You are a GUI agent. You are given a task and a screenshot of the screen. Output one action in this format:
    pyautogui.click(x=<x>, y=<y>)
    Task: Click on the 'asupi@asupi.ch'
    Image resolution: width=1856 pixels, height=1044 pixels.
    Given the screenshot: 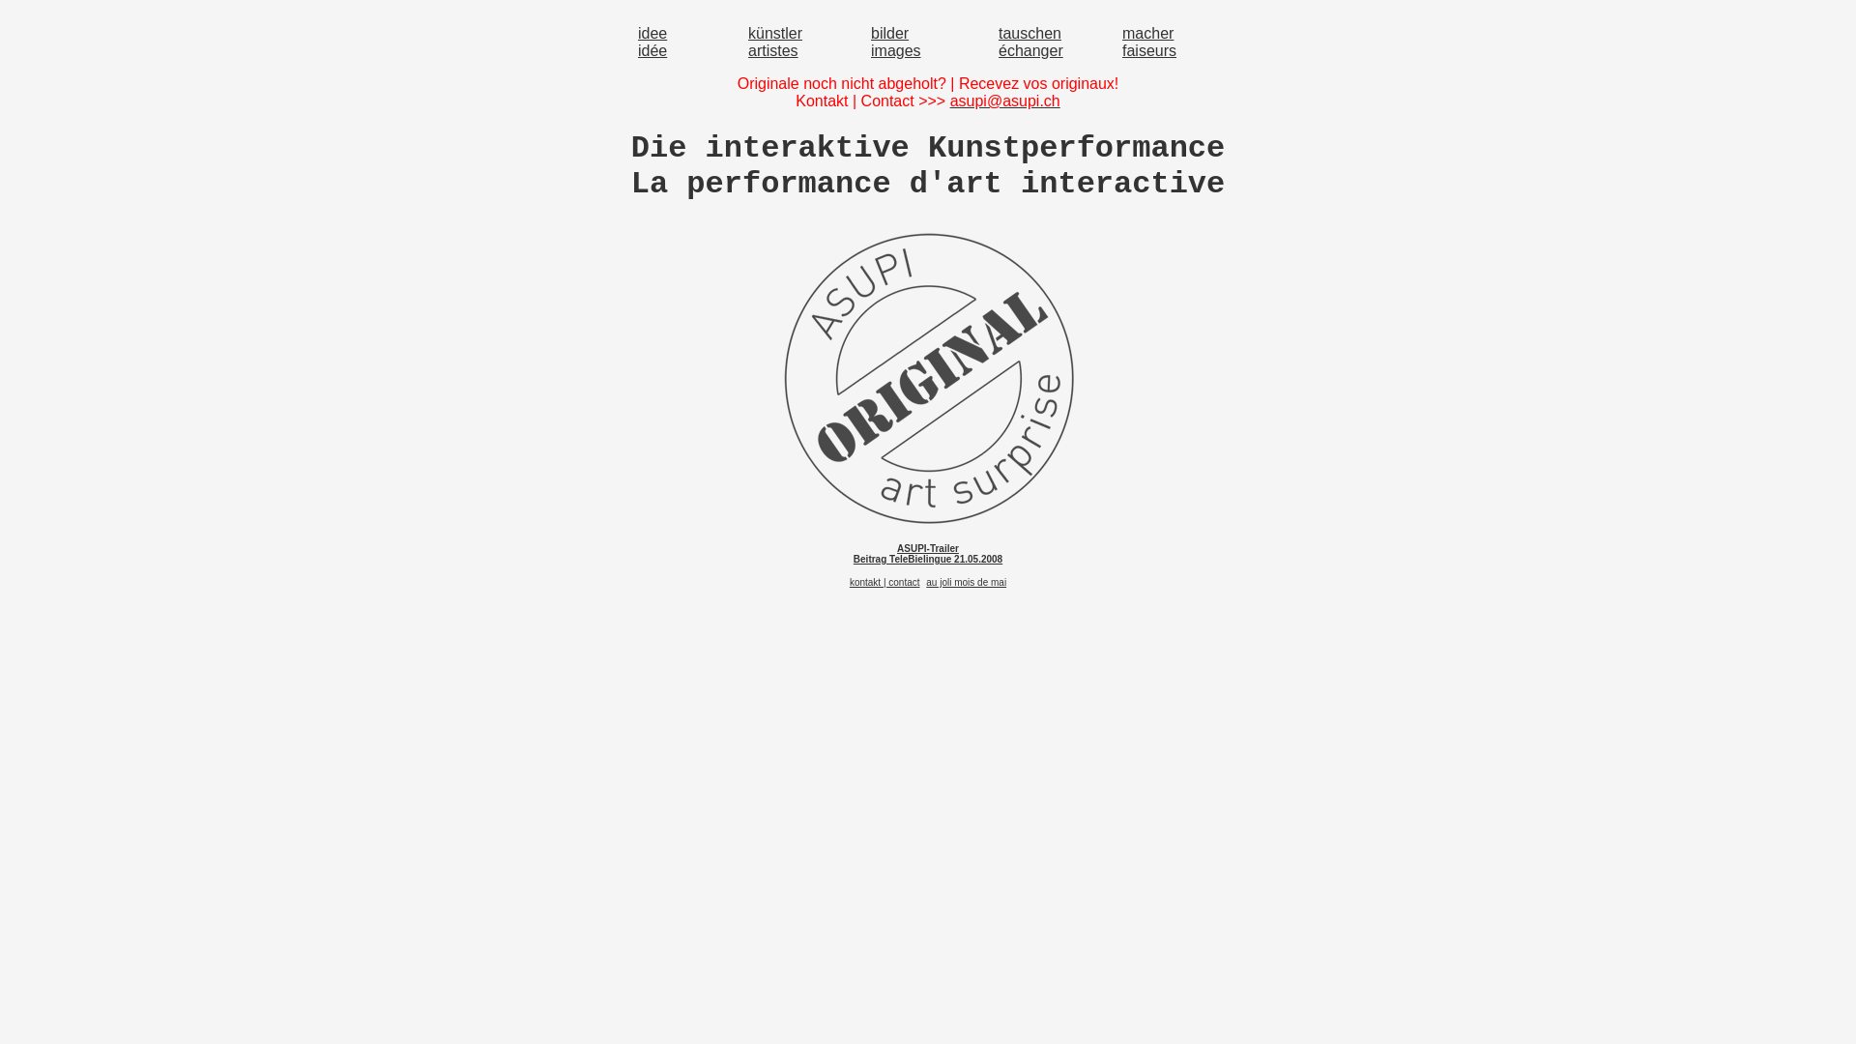 What is the action you would take?
    pyautogui.click(x=1005, y=101)
    